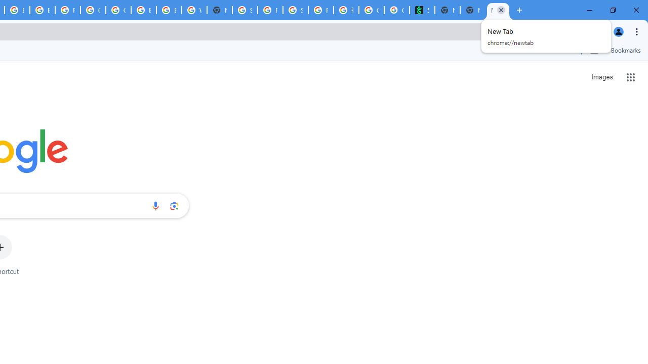  I want to click on 'Browse Chrome as a guest - Computer - Google Chrome Help', so click(143, 10).